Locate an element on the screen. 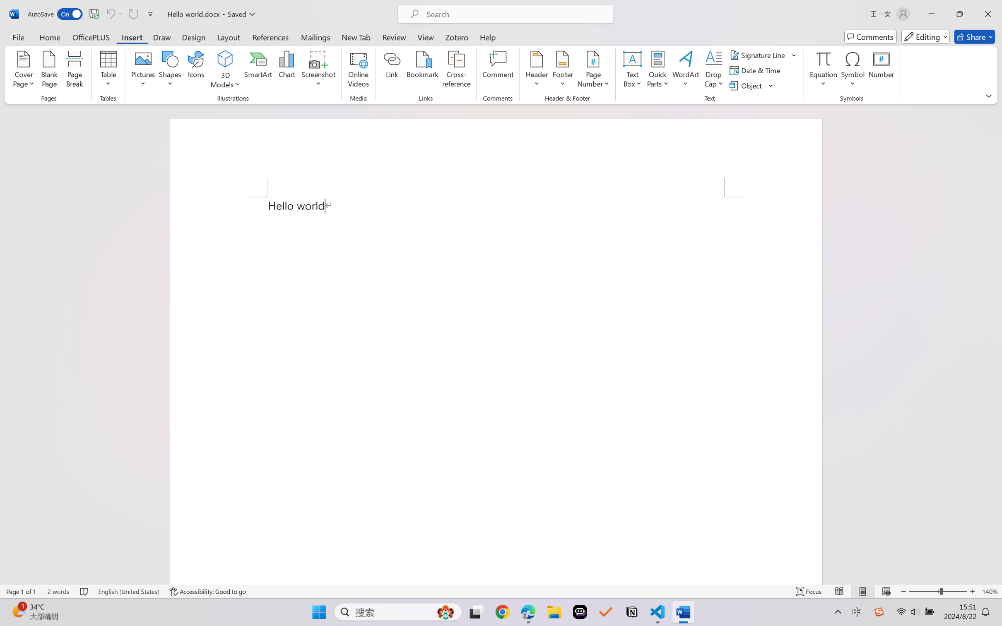 This screenshot has width=1002, height=626. 'Design' is located at coordinates (193, 36).